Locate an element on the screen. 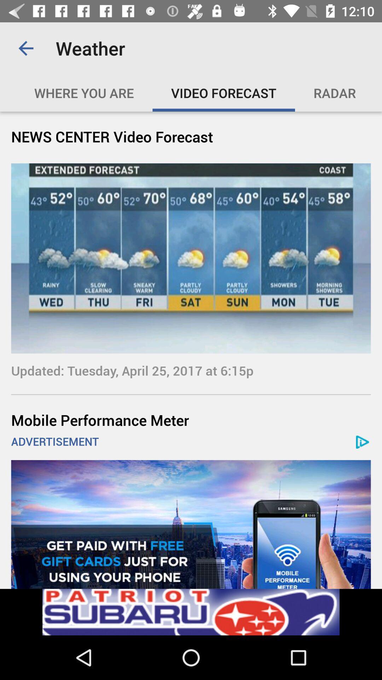 The height and width of the screenshot is (680, 382). advertisement is located at coordinates (191, 524).